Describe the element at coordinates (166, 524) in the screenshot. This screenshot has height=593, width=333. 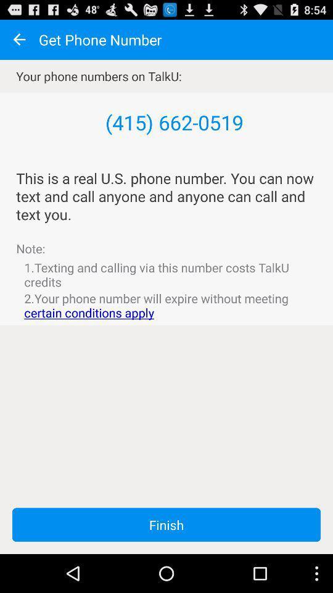
I see `app below the 2 your phone app` at that location.